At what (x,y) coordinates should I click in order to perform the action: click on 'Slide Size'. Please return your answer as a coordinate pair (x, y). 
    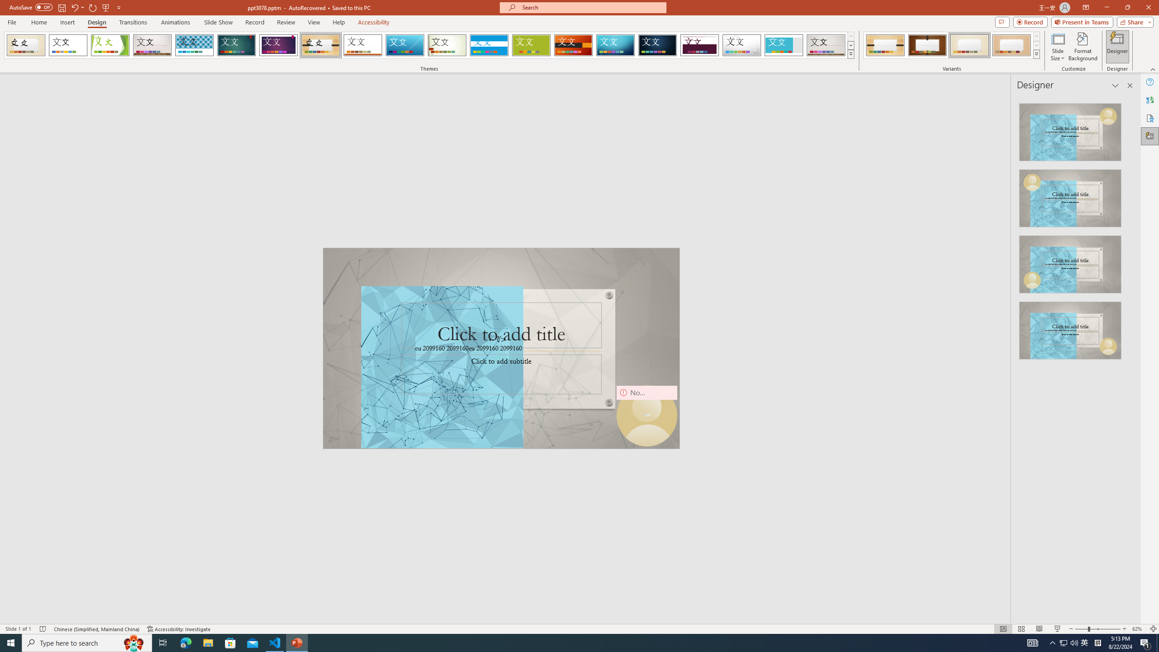
    Looking at the image, I should click on (1058, 47).